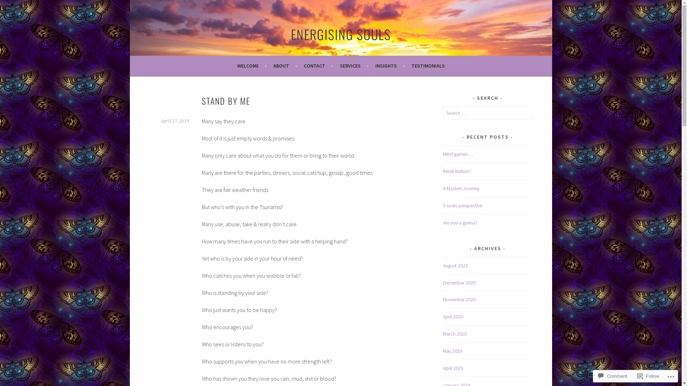 This screenshot has height=386, width=687. Describe the element at coordinates (452, 351) in the screenshot. I see `'May 2019'` at that location.